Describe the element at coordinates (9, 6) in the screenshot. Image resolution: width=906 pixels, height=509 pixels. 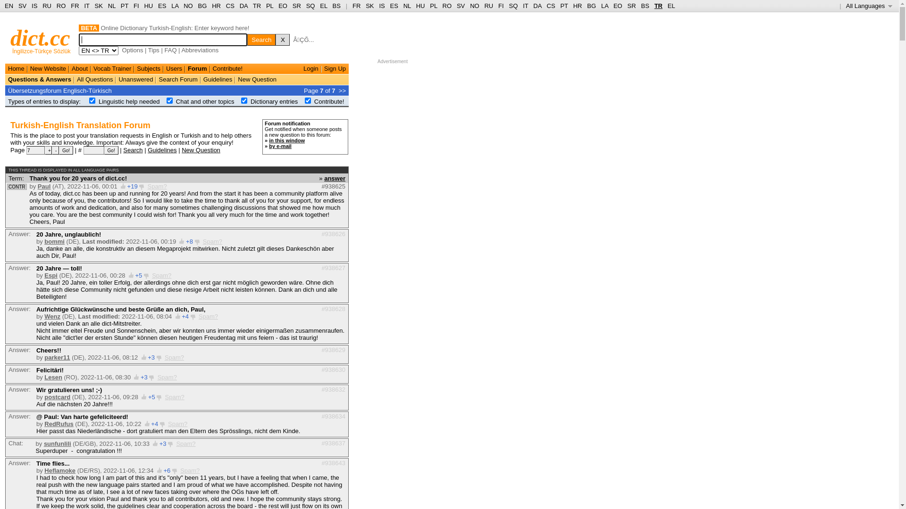
I see `'EN'` at that location.